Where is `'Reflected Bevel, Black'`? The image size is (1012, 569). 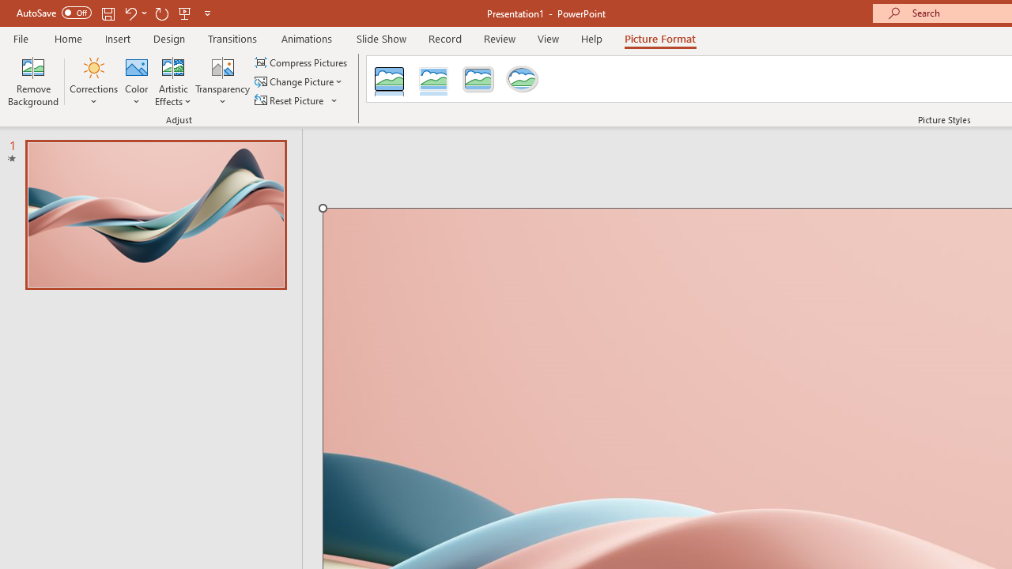 'Reflected Bevel, Black' is located at coordinates (389, 79).